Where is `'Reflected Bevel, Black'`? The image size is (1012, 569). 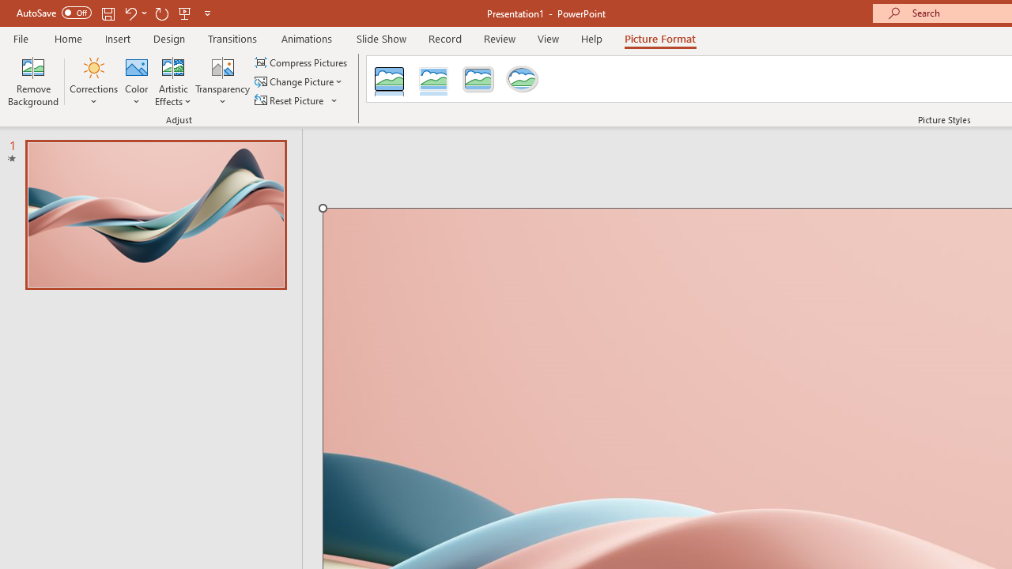 'Reflected Bevel, Black' is located at coordinates (389, 79).